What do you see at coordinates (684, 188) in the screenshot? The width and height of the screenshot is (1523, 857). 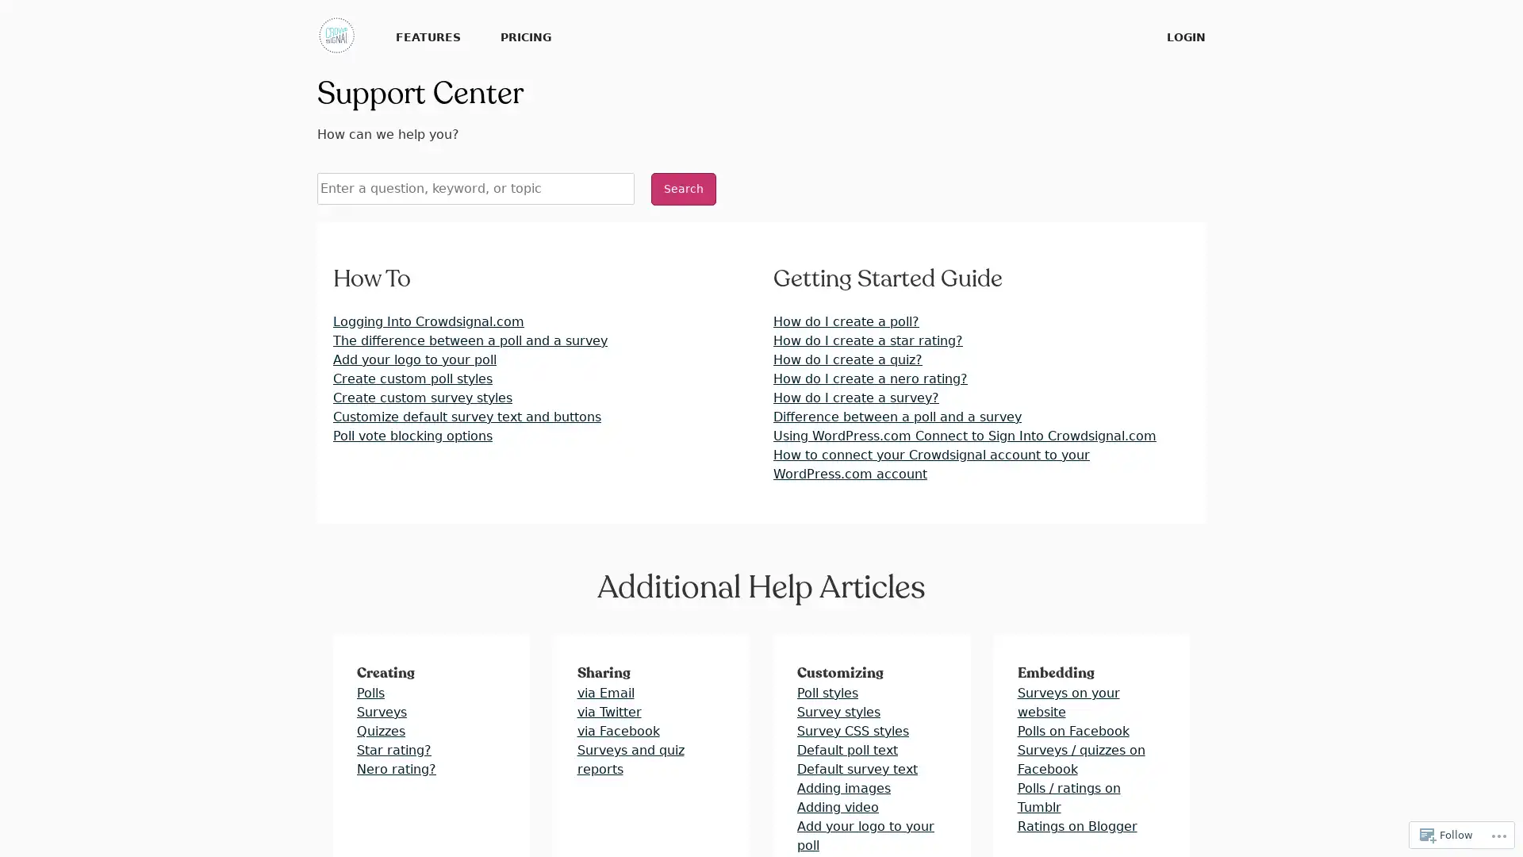 I see `Search` at bounding box center [684, 188].